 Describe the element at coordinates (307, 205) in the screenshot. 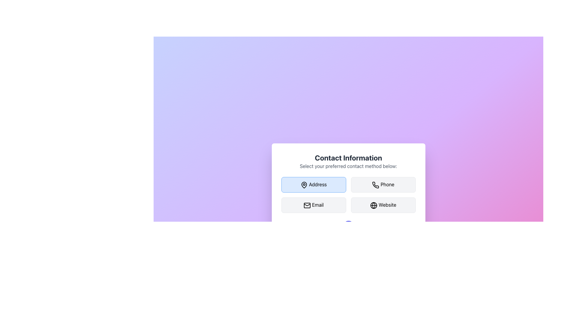

I see `the email icon located in the bottom-left corner of the button labeled 'Email'` at that location.